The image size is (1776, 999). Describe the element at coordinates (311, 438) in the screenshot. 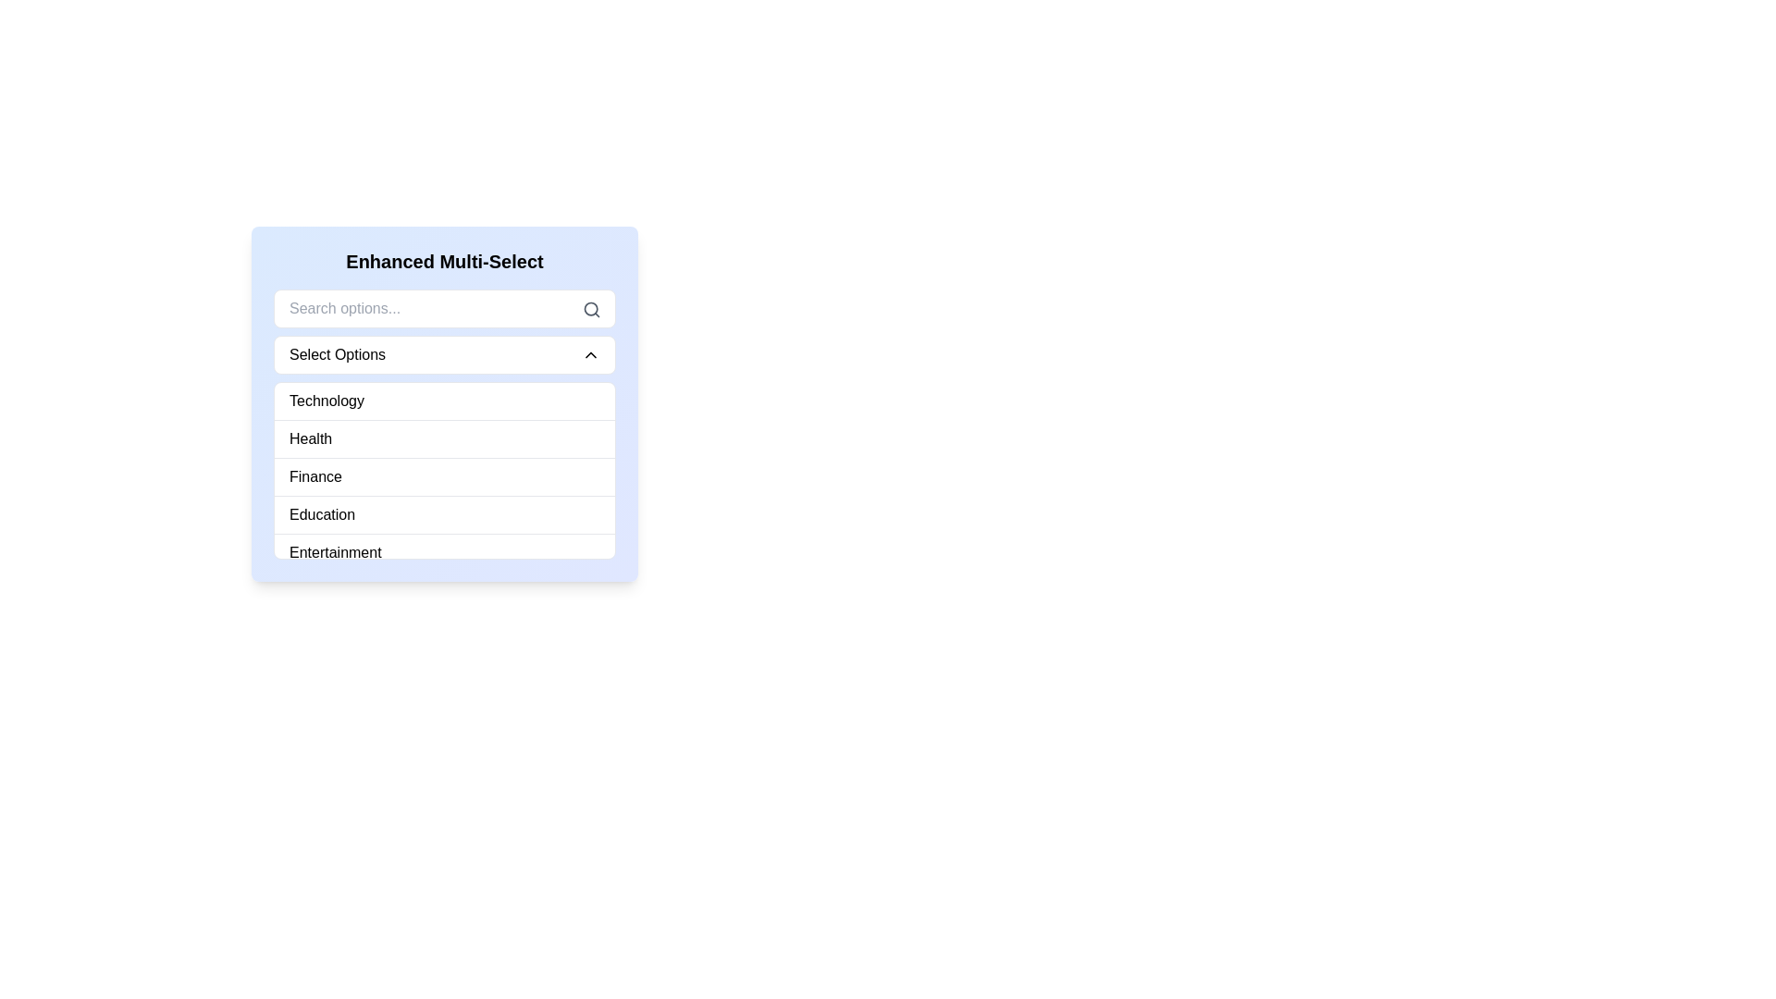

I see `the 'Health' option label inside the selectable dropdown, which is the second item in the dropdown options list of the 'Enhanced Multi-Select' interface` at that location.